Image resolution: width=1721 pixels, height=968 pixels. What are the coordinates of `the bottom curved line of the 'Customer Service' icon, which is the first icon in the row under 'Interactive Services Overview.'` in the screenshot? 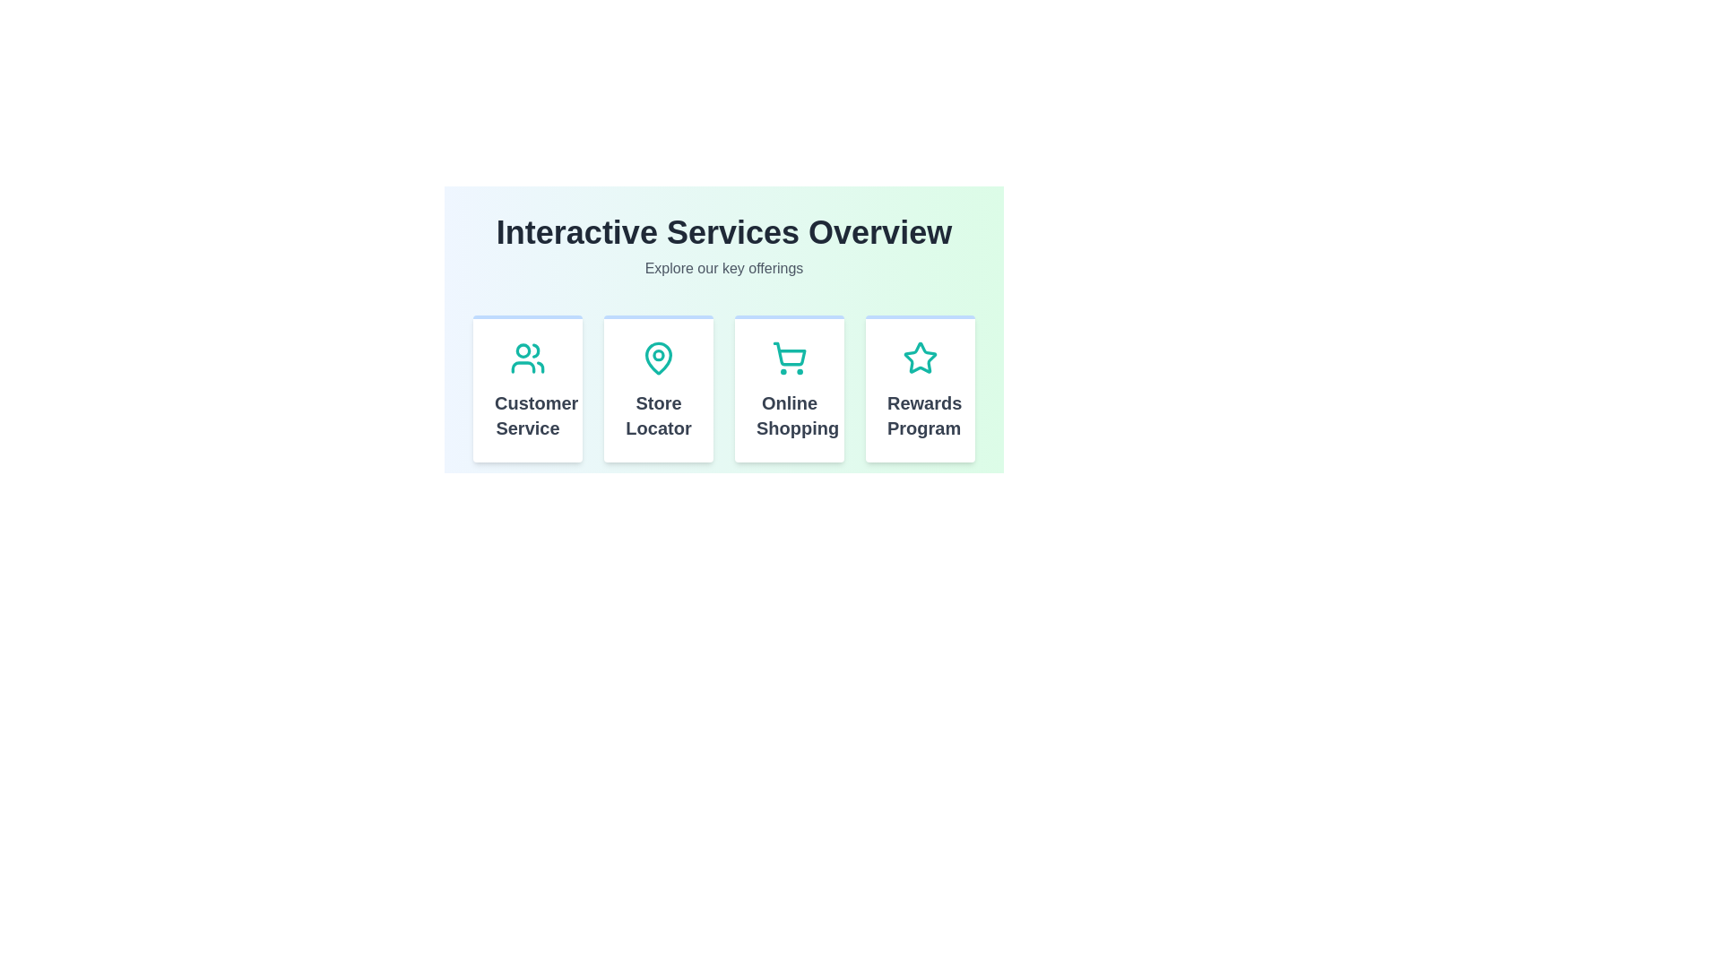 It's located at (523, 366).